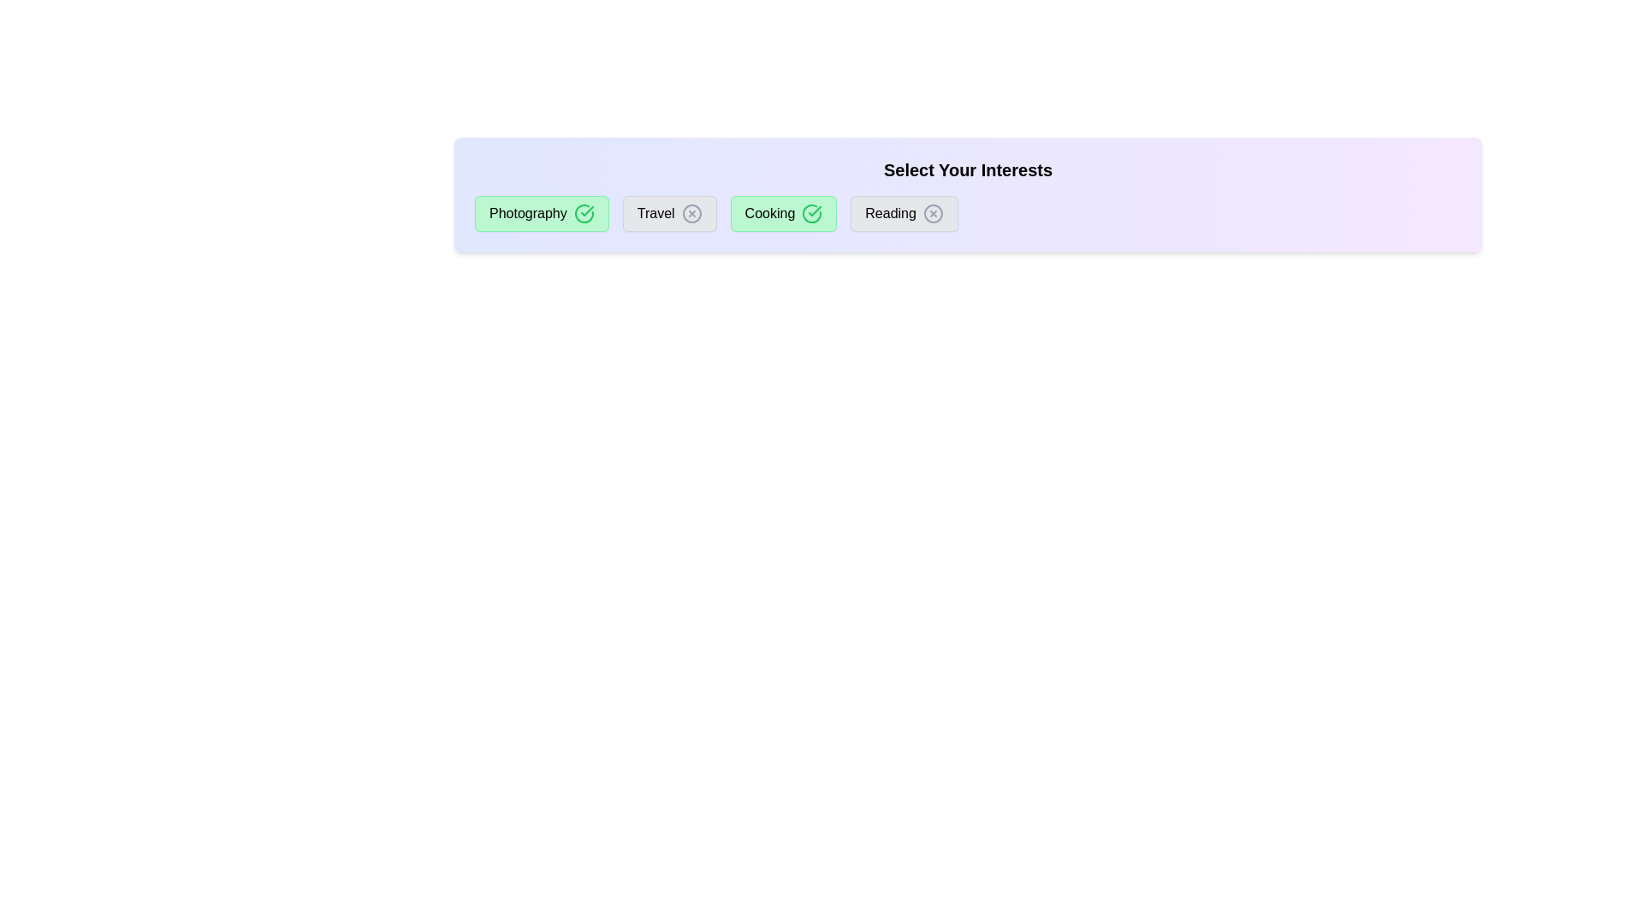  I want to click on the chip labeled Travel, so click(668, 213).